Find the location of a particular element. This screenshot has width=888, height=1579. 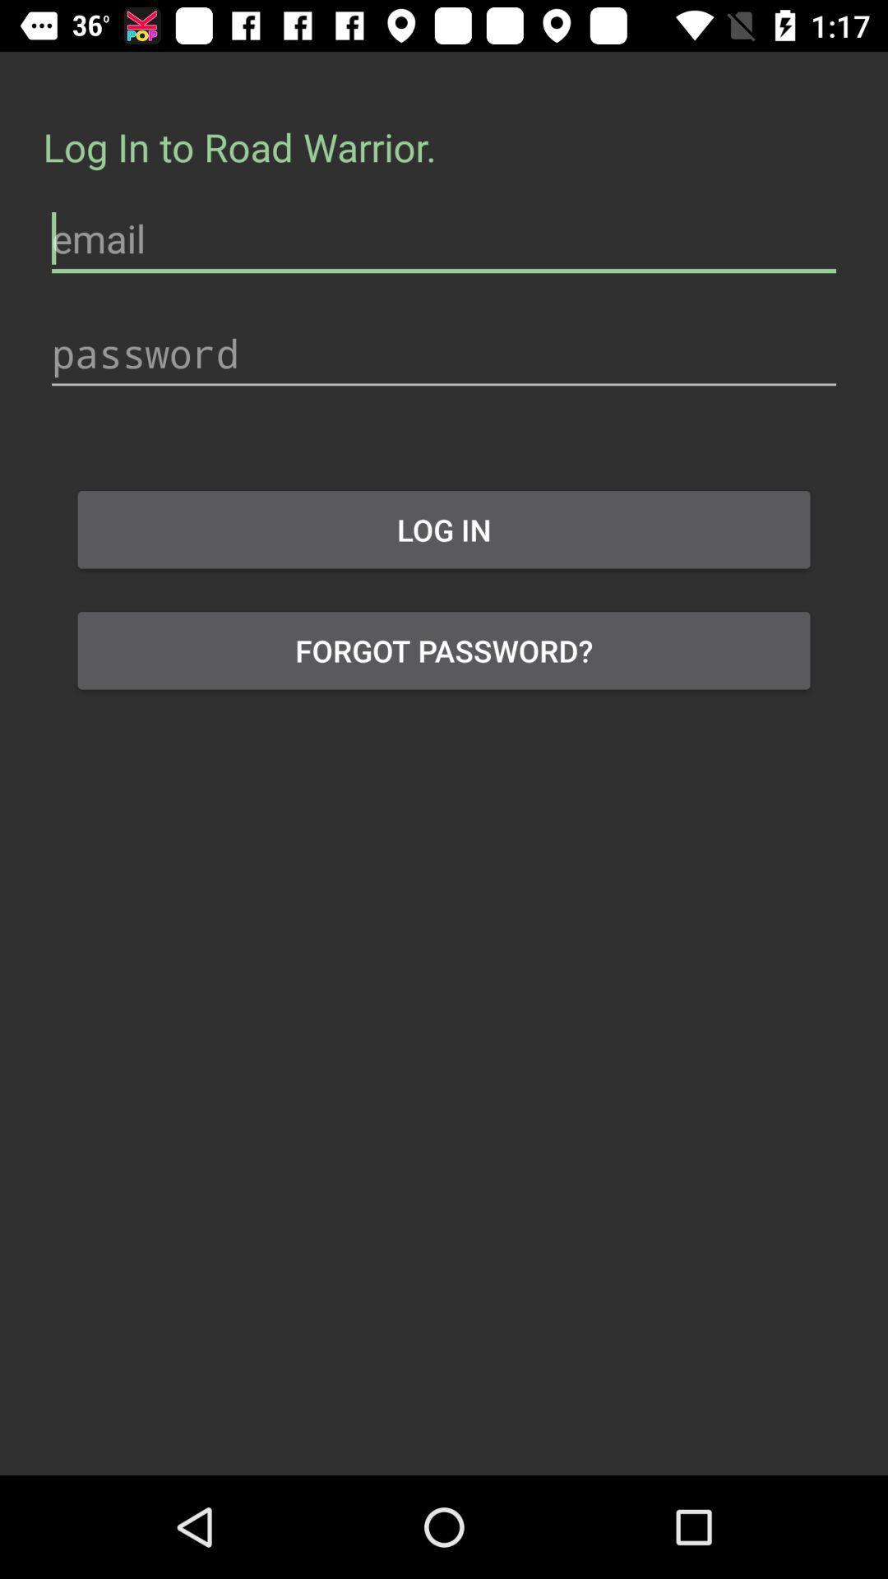

the forgot password? button is located at coordinates (444, 650).